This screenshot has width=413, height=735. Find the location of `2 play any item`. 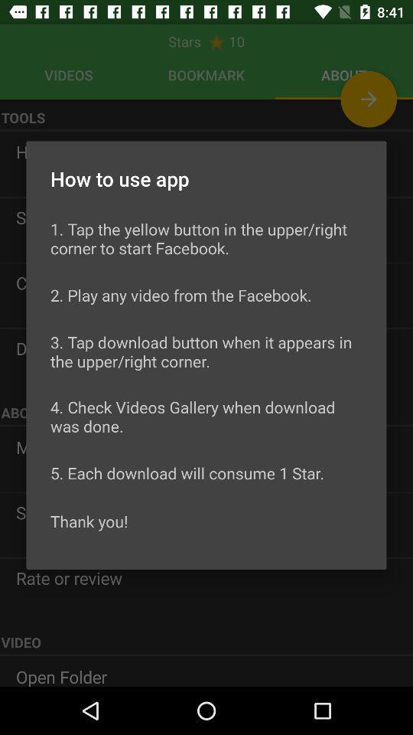

2 play any item is located at coordinates (180, 294).